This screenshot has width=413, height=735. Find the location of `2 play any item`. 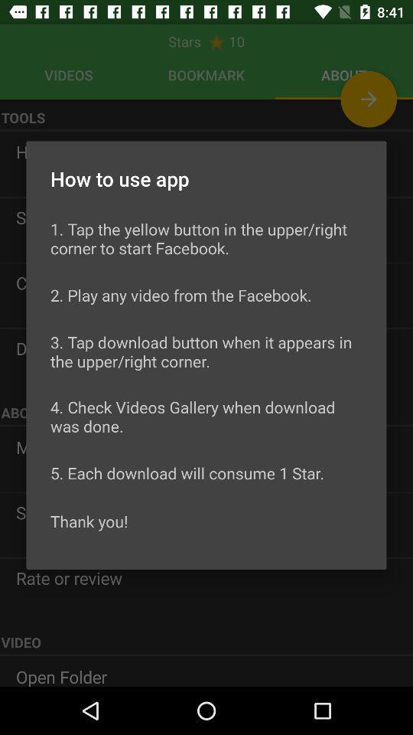

2 play any item is located at coordinates (180, 294).